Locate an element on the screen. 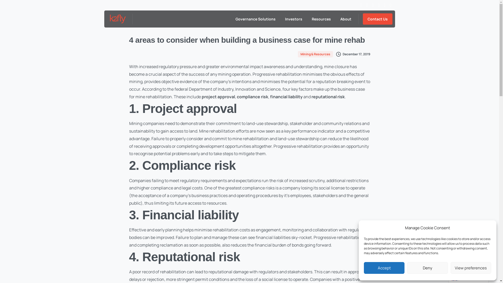 This screenshot has height=283, width=503. 'Governance Solutions' is located at coordinates (233, 19).